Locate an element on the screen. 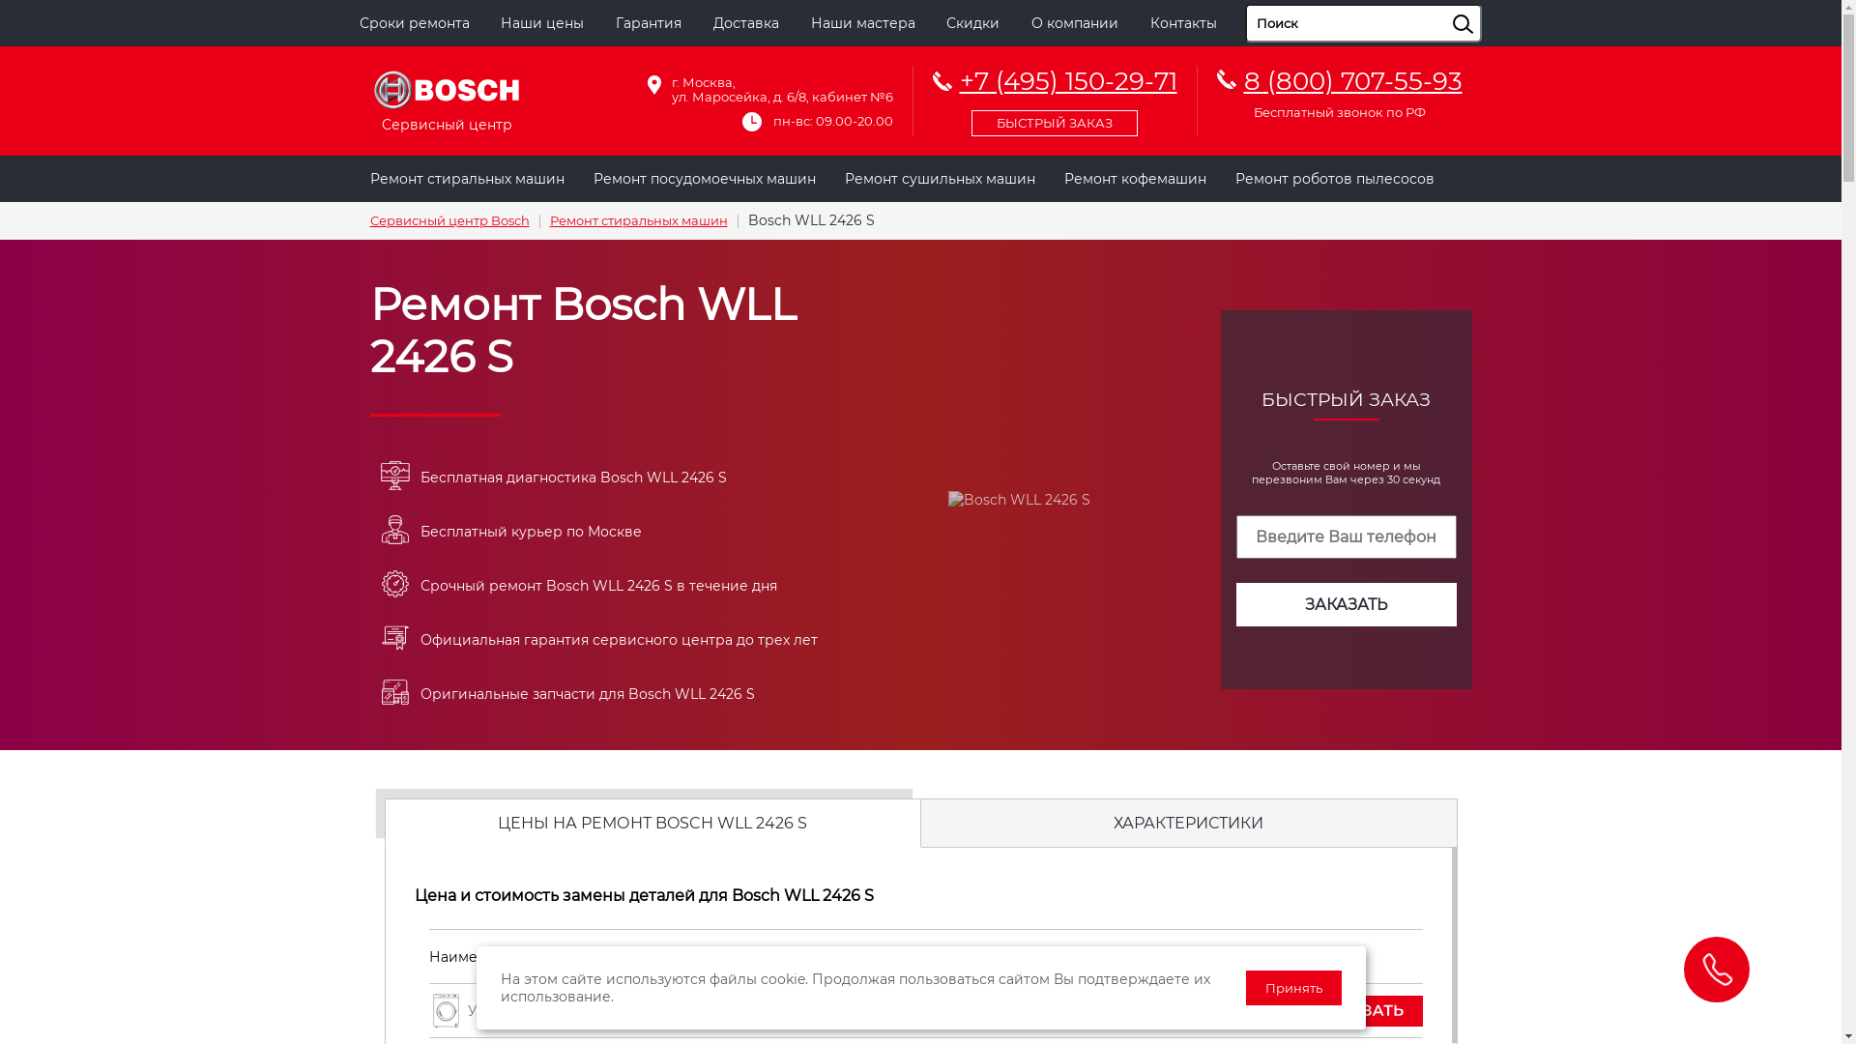  '+7 (495) 150-29-71' is located at coordinates (1053, 98).